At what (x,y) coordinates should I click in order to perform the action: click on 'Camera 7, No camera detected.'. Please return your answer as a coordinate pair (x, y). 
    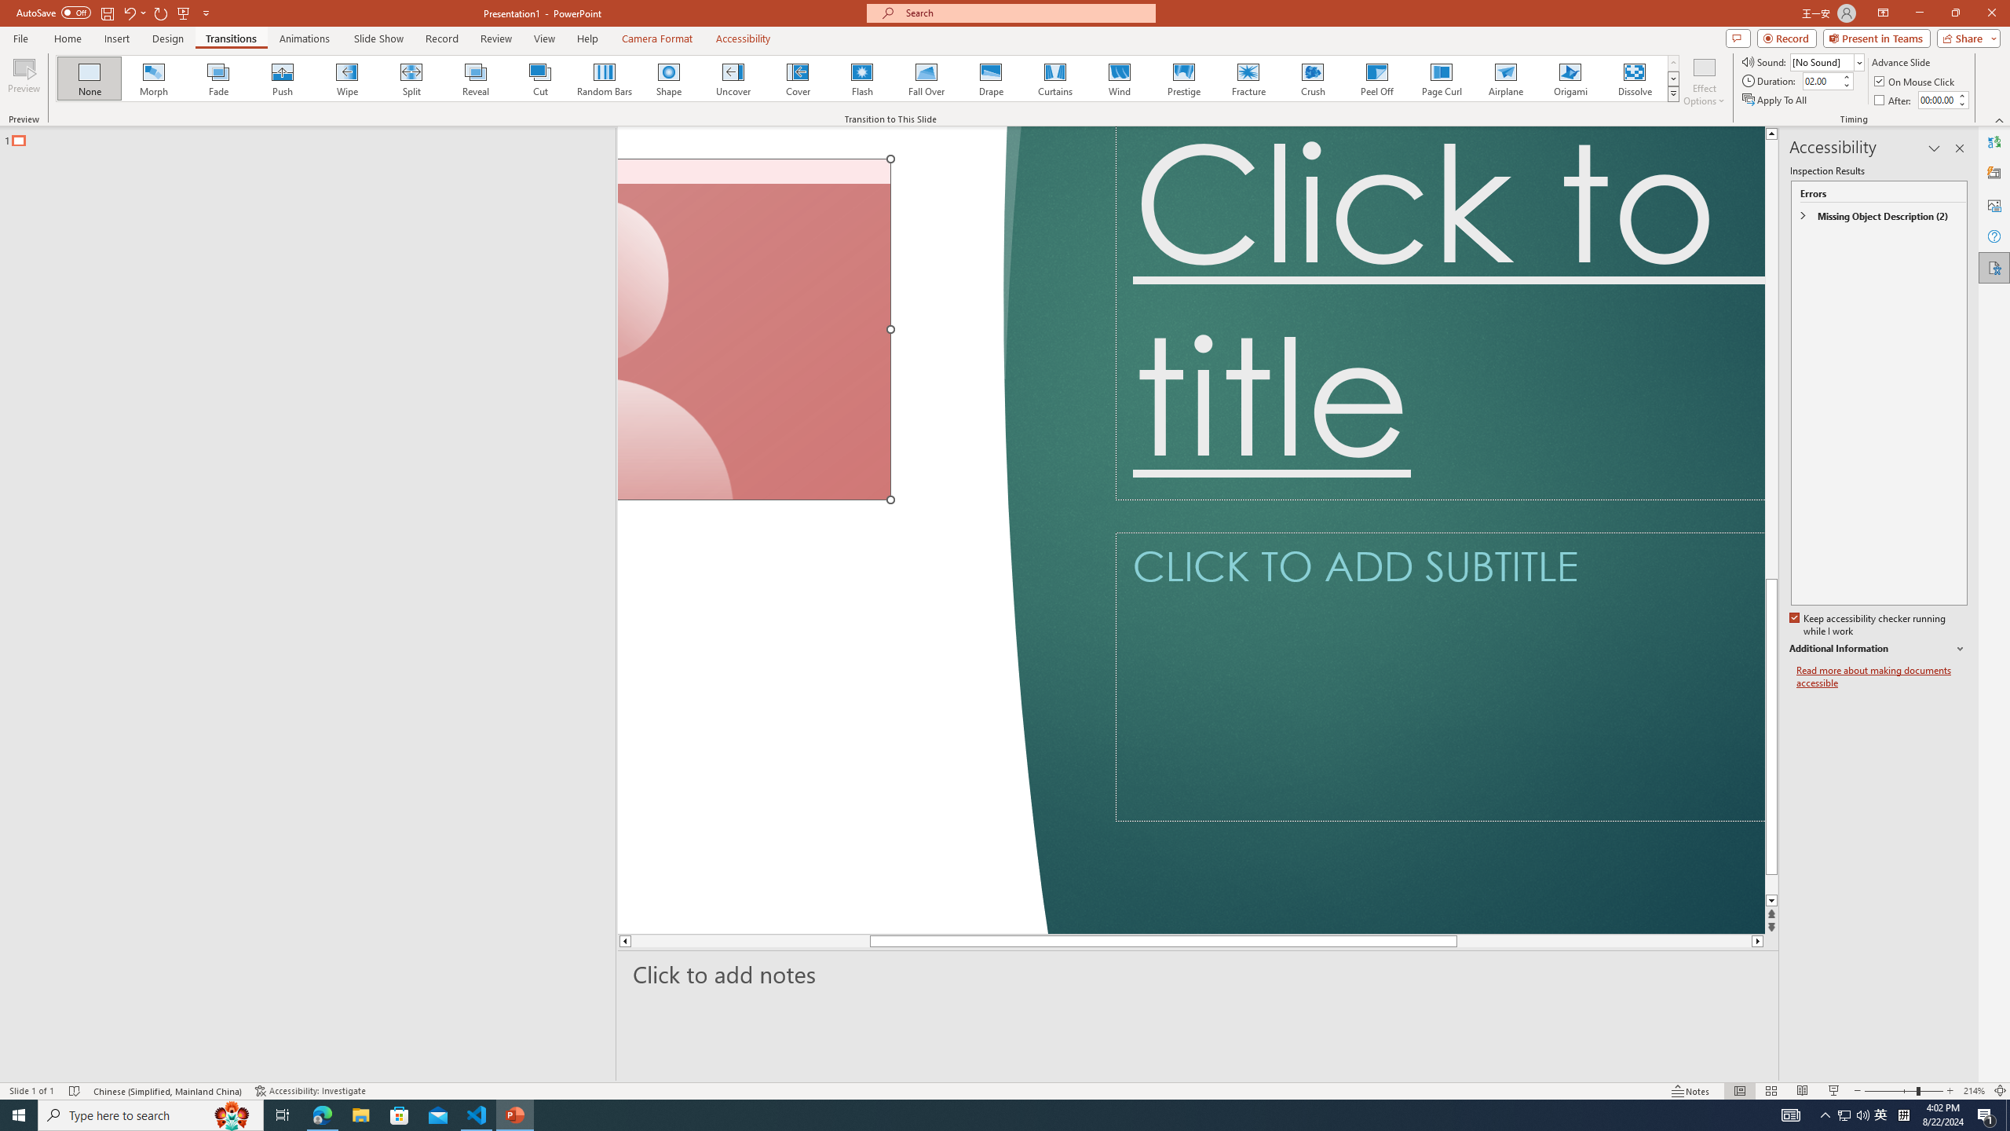
    Looking at the image, I should click on (755, 330).